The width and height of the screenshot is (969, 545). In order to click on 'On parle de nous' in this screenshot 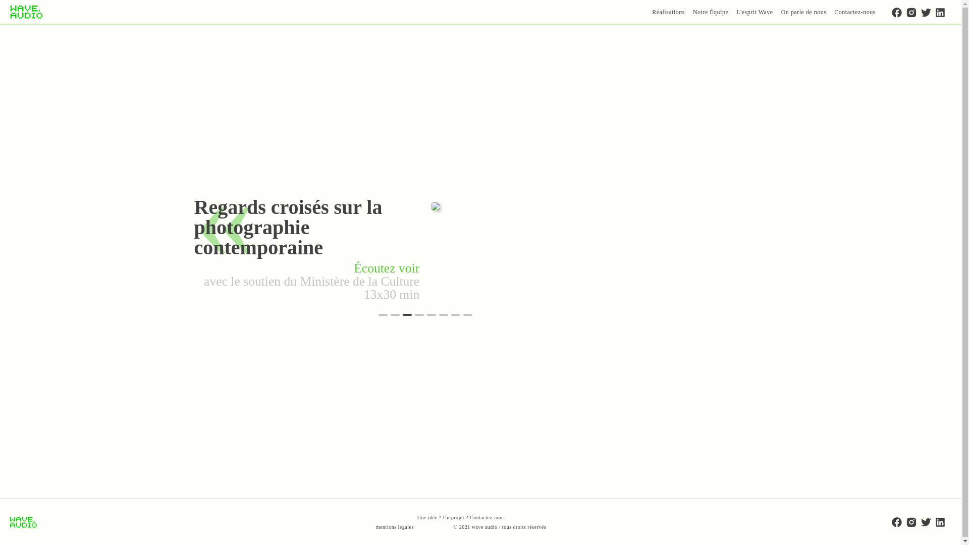, I will do `click(781, 12)`.